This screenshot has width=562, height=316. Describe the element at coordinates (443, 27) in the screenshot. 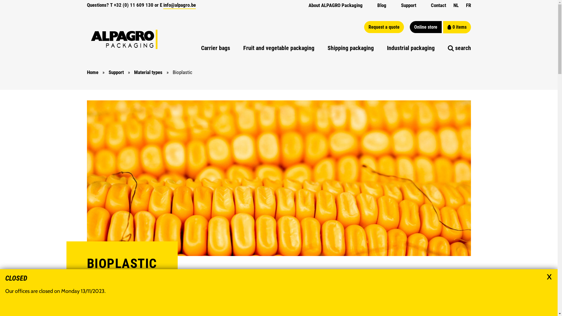

I see `'0 items'` at that location.